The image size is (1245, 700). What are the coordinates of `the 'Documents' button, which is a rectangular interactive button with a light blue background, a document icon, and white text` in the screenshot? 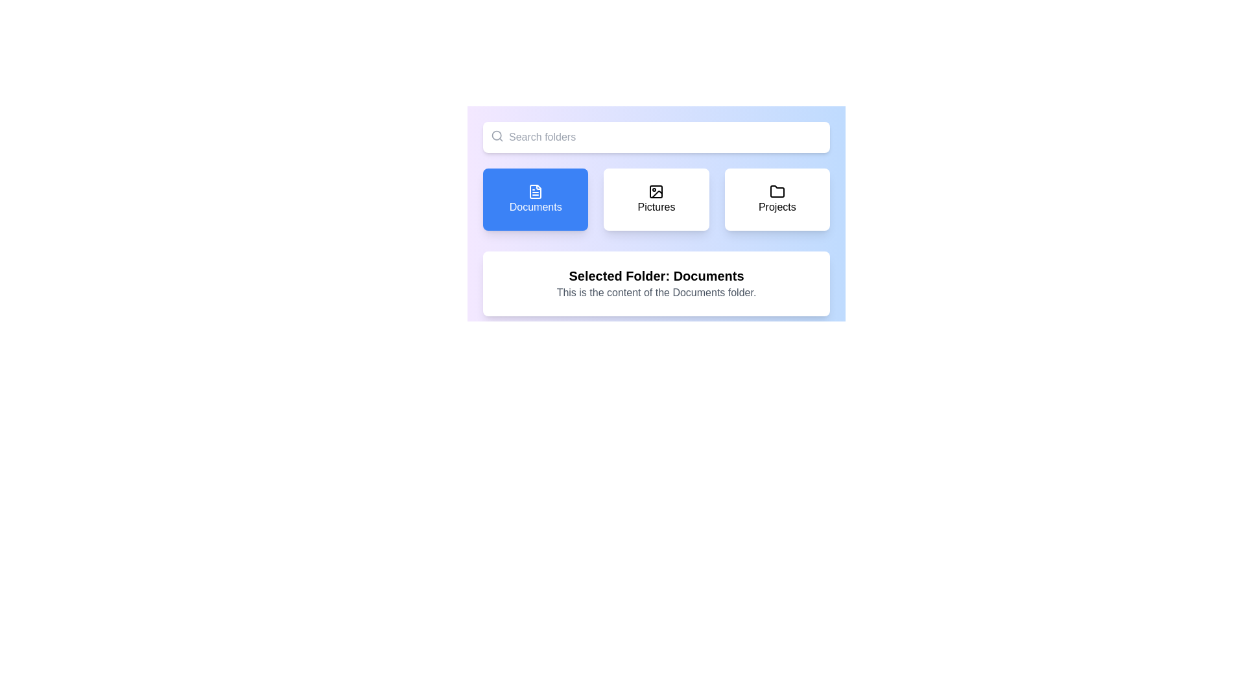 It's located at (536, 200).